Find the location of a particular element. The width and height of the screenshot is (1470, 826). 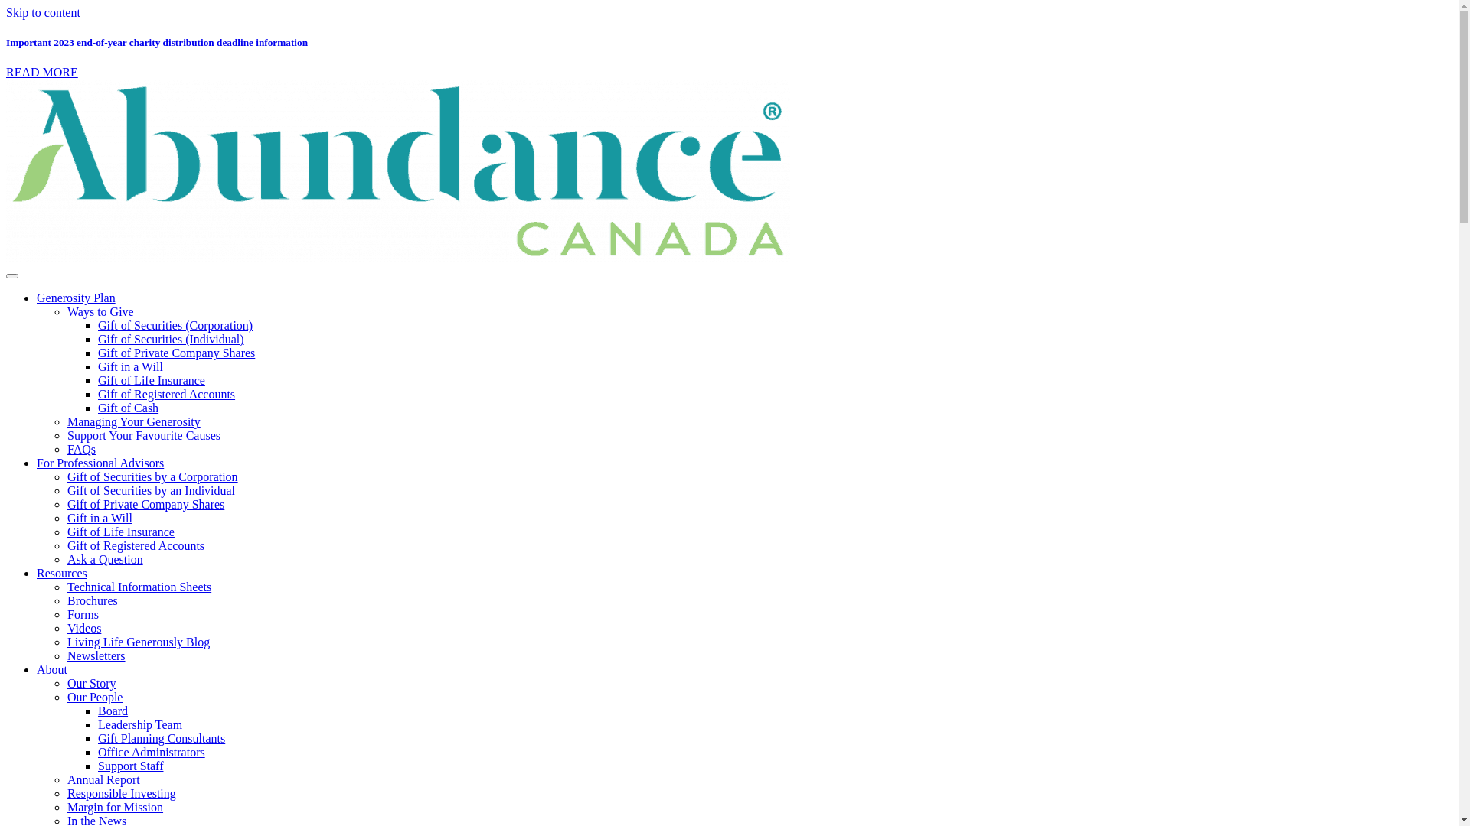

'FAQs' is located at coordinates (80, 448).